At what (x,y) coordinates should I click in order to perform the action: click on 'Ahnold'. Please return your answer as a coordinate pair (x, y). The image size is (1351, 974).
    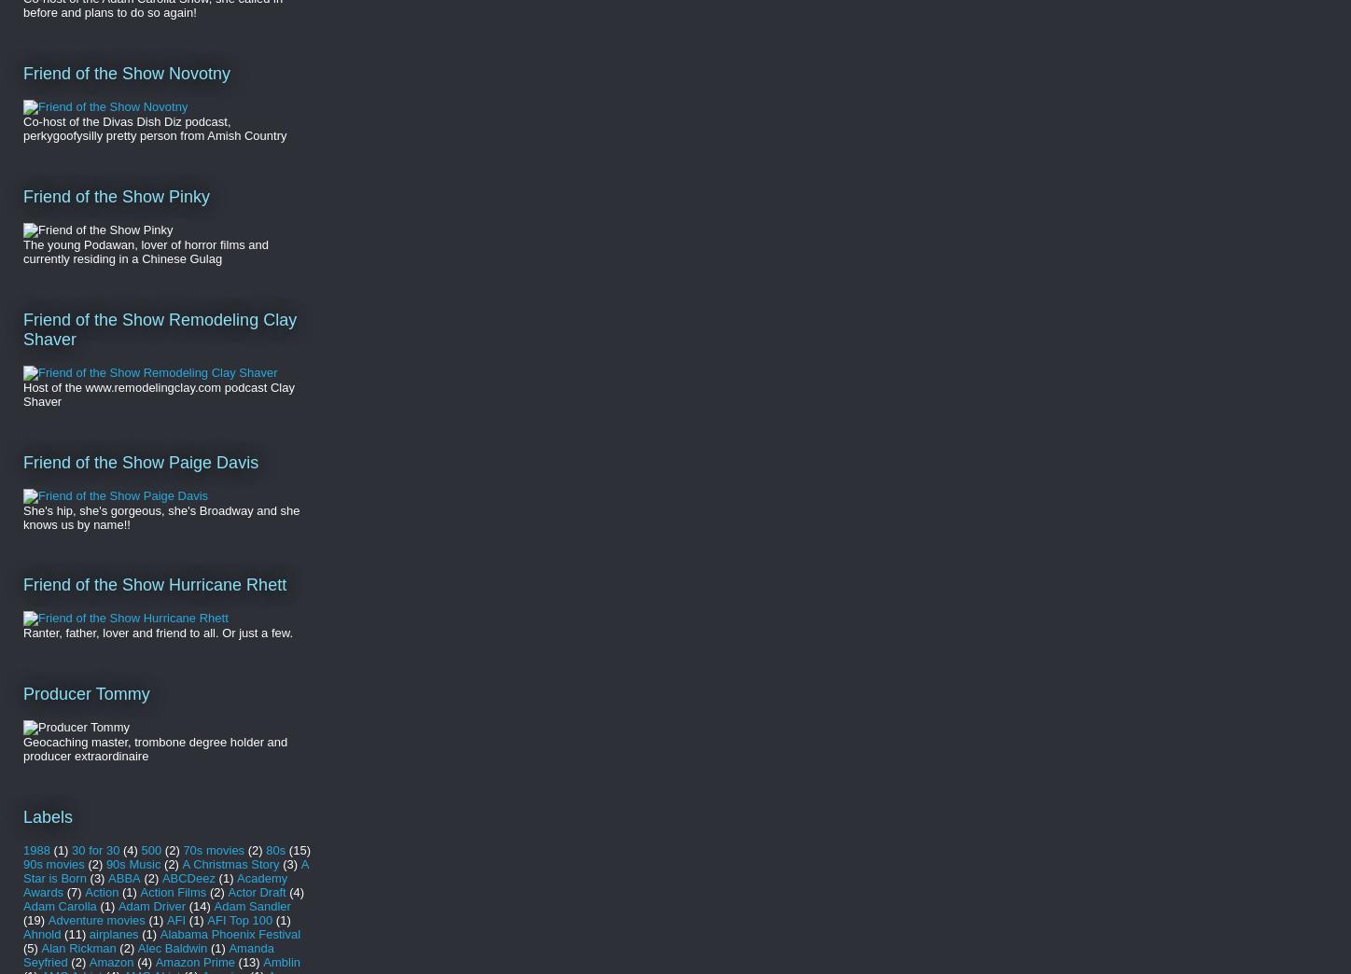
    Looking at the image, I should click on (42, 933).